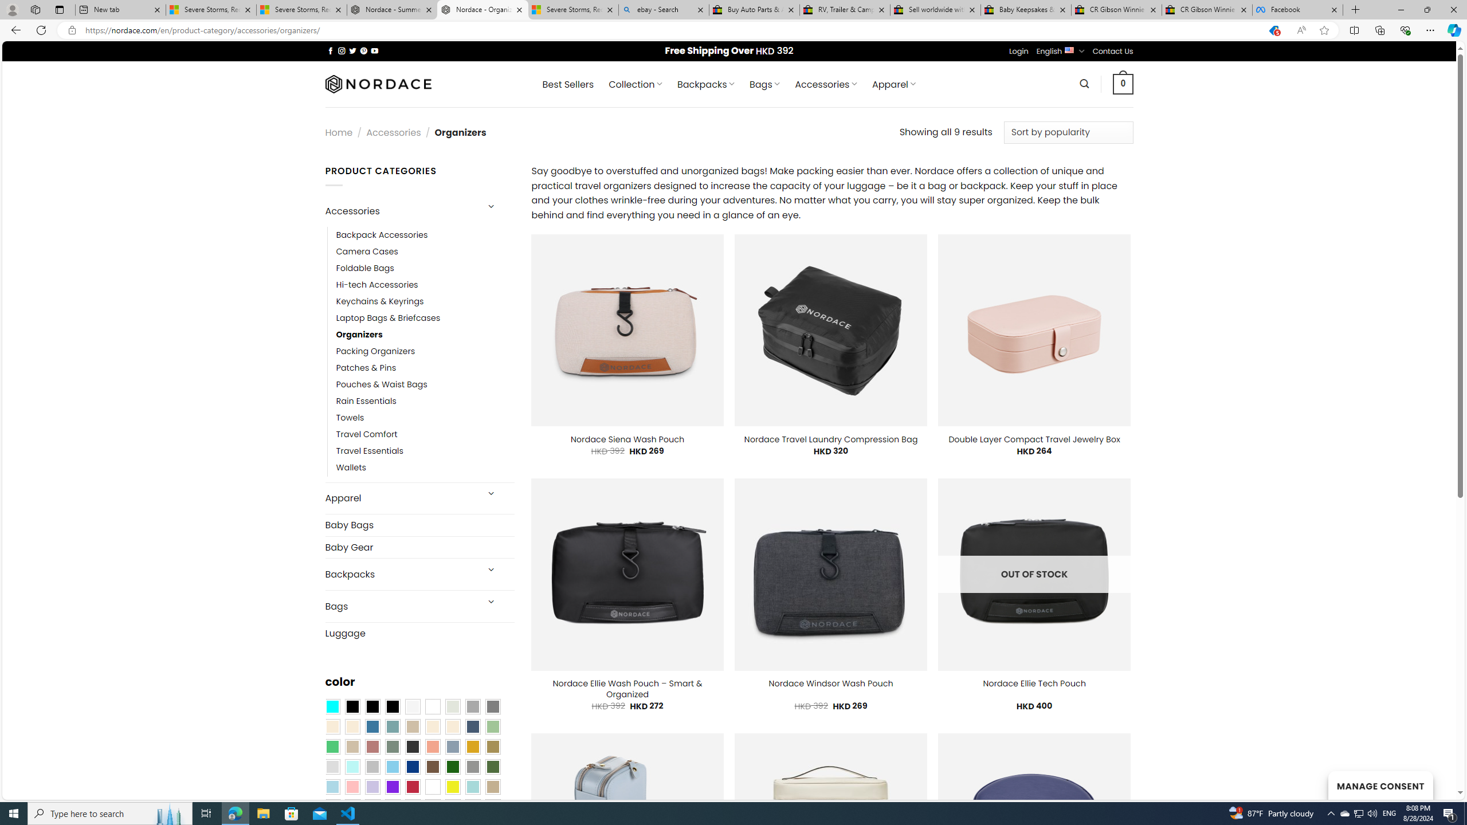 This screenshot has height=825, width=1467. What do you see at coordinates (425, 250) in the screenshot?
I see `'Camera Cases'` at bounding box center [425, 250].